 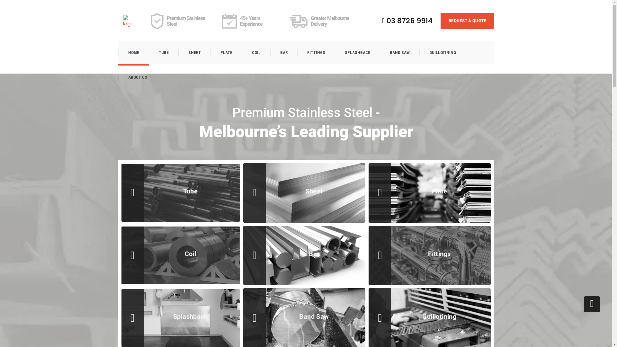 What do you see at coordinates (137, 254) in the screenshot?
I see `'Coil'` at bounding box center [137, 254].